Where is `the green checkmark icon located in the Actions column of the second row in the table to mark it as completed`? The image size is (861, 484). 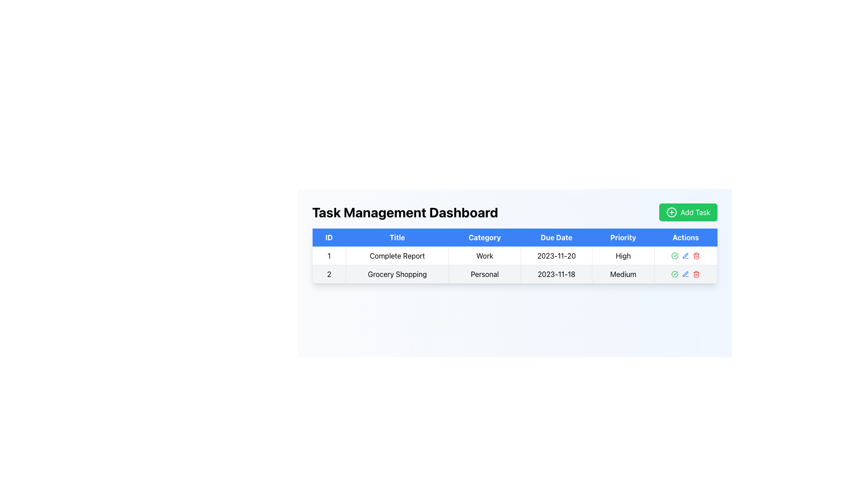
the green checkmark icon located in the Actions column of the second row in the table to mark it as completed is located at coordinates (685, 274).